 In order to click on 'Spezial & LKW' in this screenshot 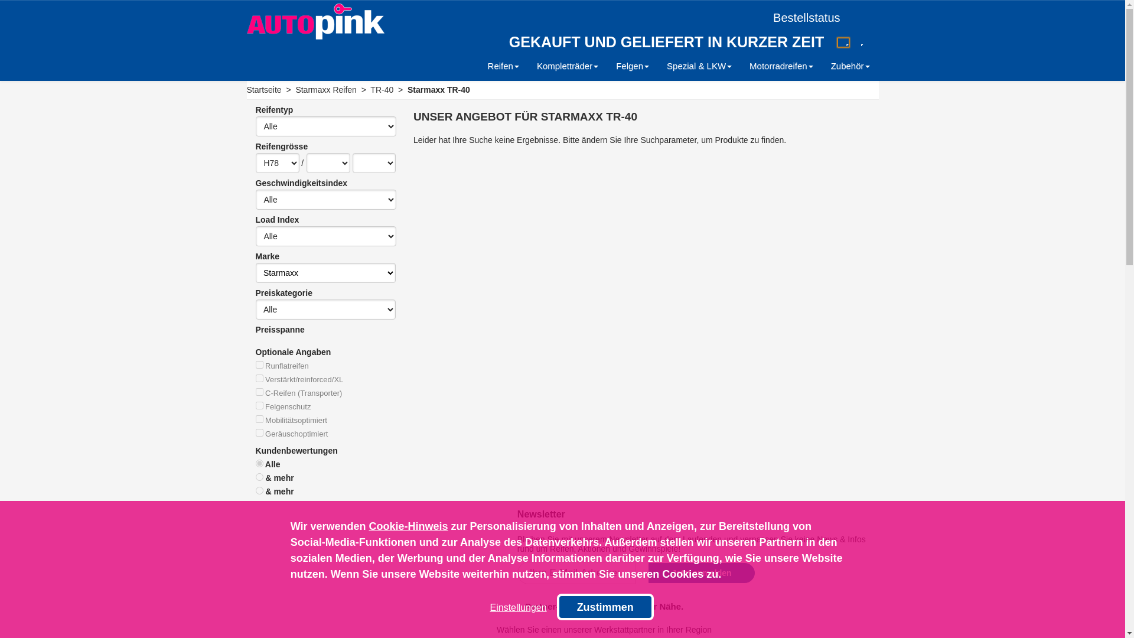, I will do `click(657, 66)`.